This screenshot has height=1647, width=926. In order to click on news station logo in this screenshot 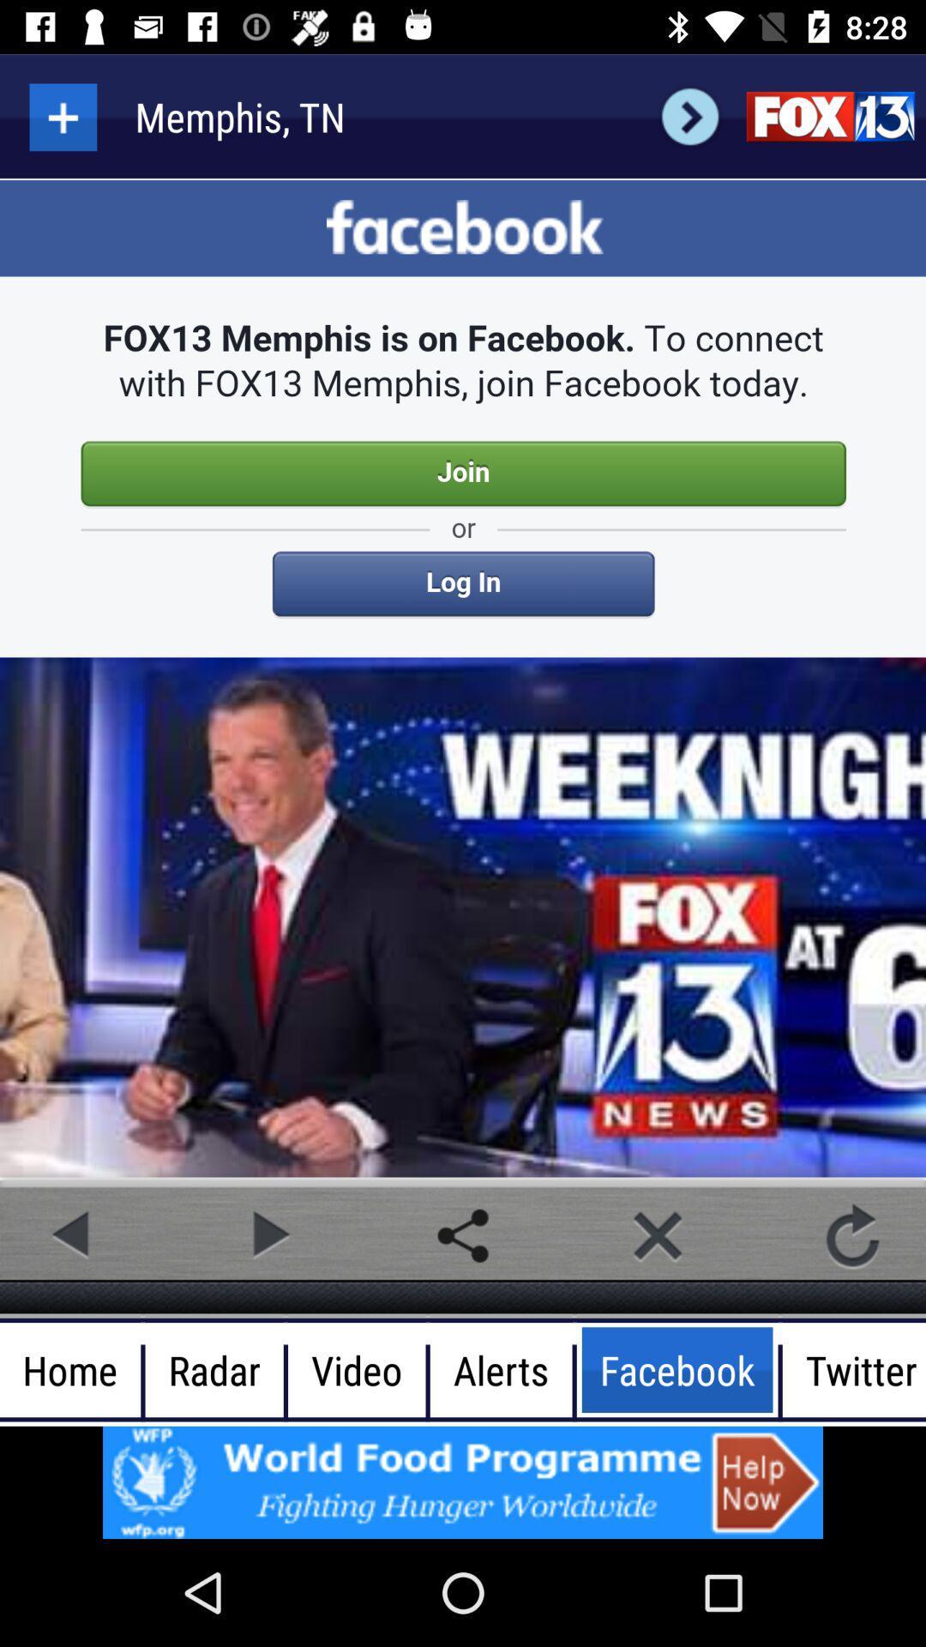, I will do `click(829, 116)`.